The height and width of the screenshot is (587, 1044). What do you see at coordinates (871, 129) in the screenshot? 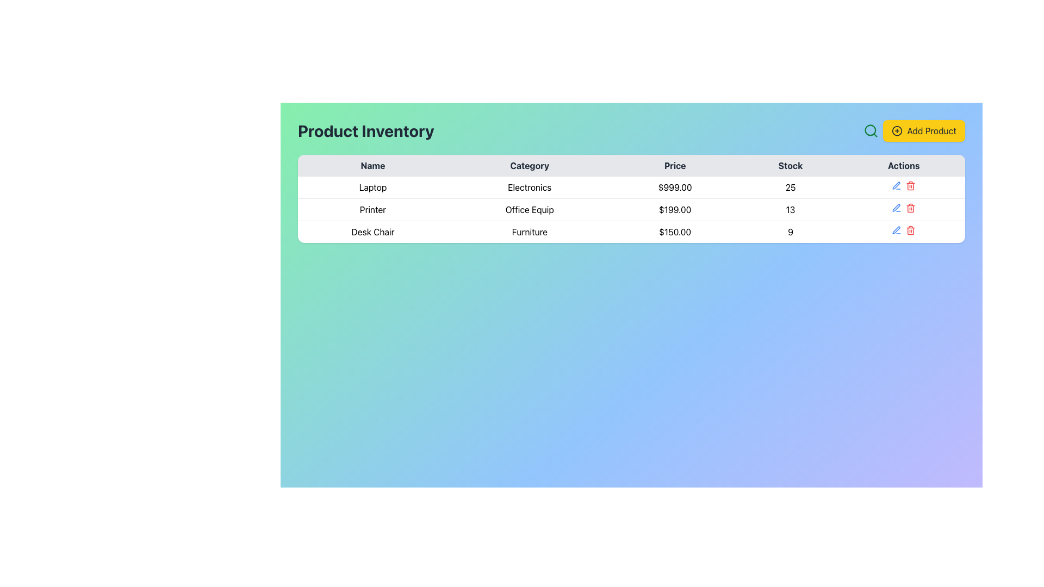
I see `the circular graphical icon resembling a magnifying glass, located to the left of the yellow 'Add Product' button in the header section` at bounding box center [871, 129].